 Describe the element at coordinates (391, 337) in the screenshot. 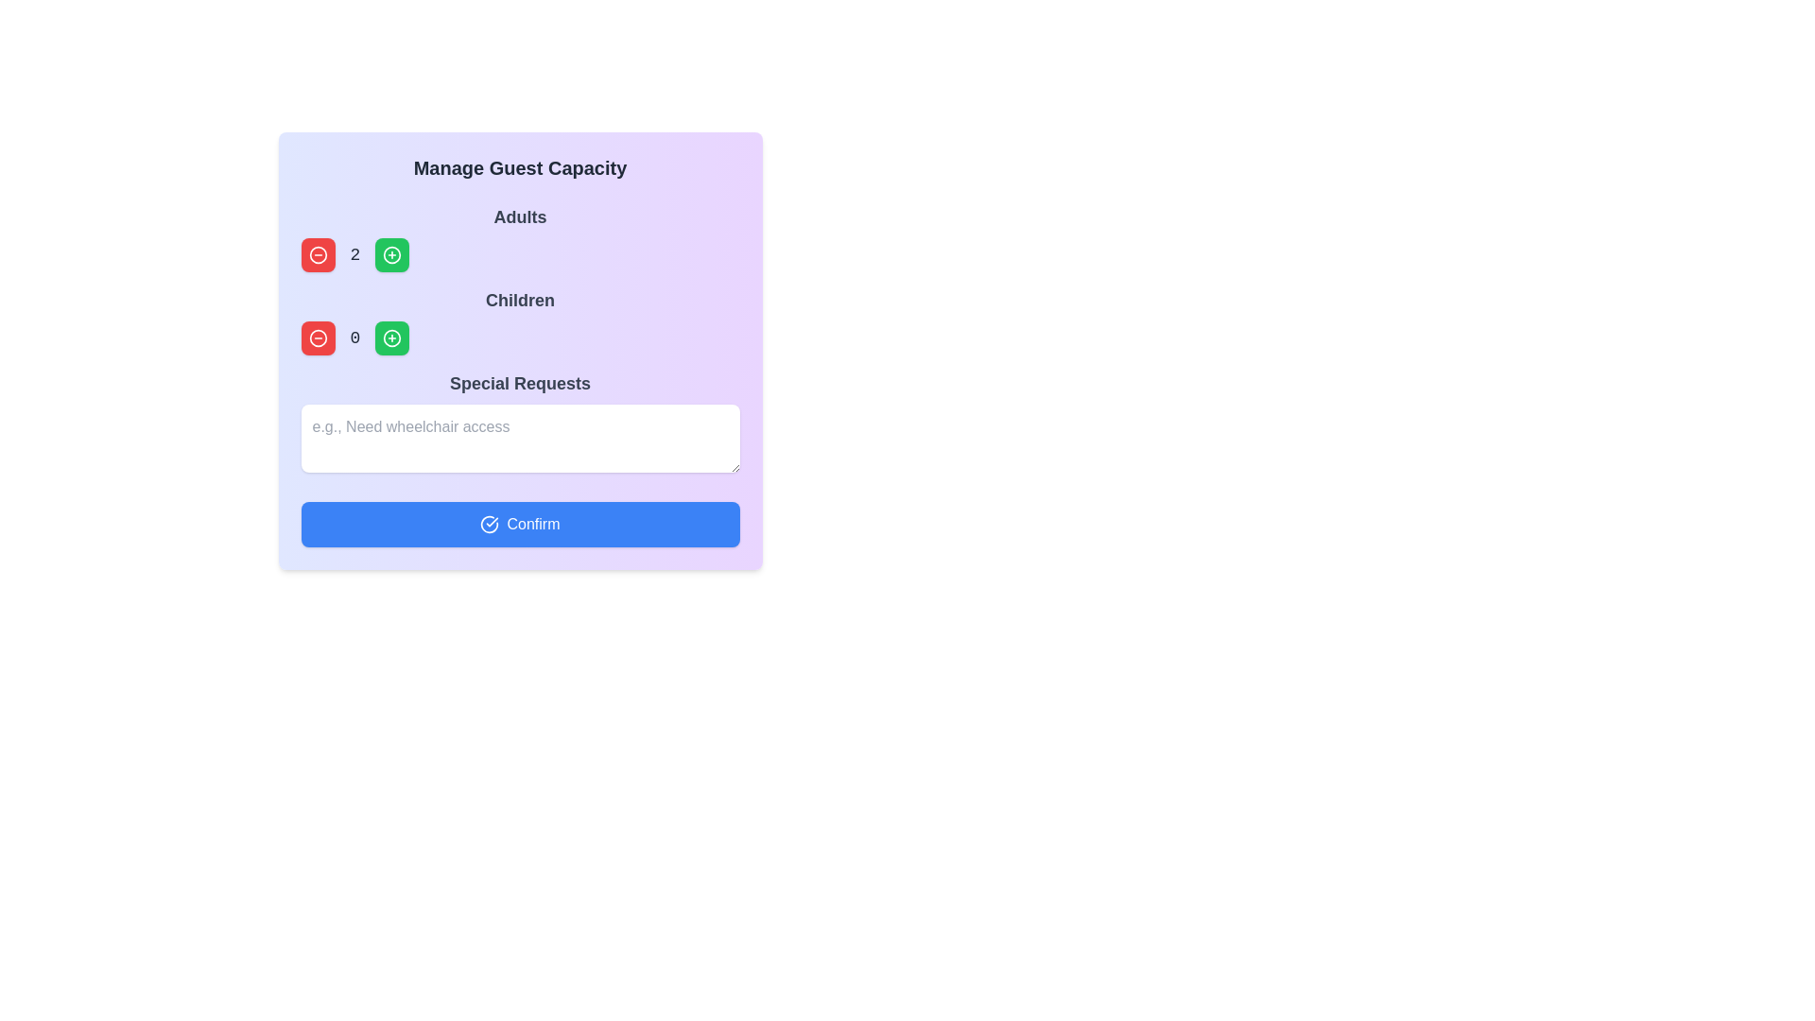

I see `the increment button located on the right side of the 'Children' text label to increase the count for managing guest capacity` at that location.